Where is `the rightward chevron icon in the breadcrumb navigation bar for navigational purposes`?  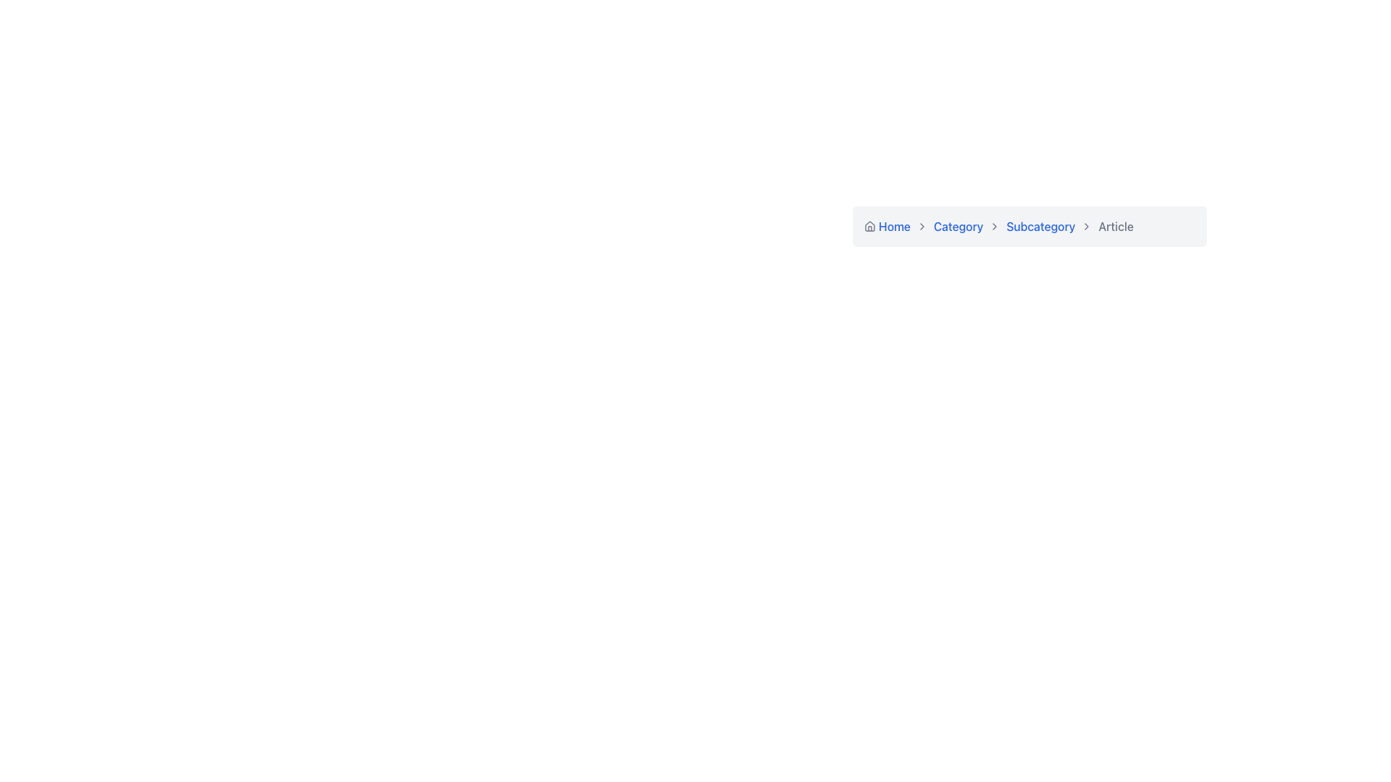 the rightward chevron icon in the breadcrumb navigation bar for navigational purposes is located at coordinates (921, 226).